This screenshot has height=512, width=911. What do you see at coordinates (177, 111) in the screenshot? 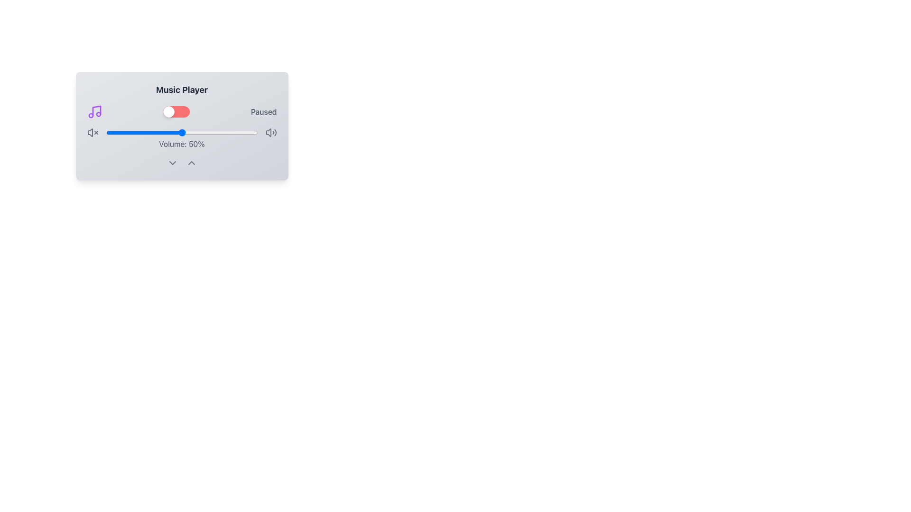
I see `the inactive toggle switch located in the row labeled 'Paused'` at bounding box center [177, 111].